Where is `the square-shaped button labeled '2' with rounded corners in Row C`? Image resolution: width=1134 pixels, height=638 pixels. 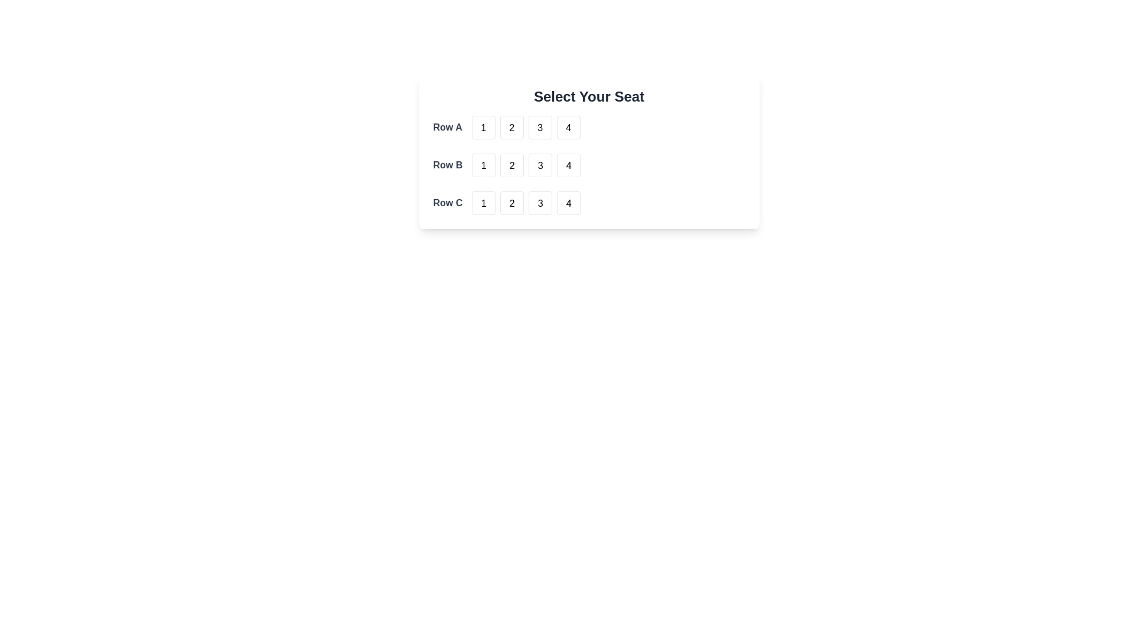
the square-shaped button labeled '2' with rounded corners in Row C is located at coordinates (512, 202).